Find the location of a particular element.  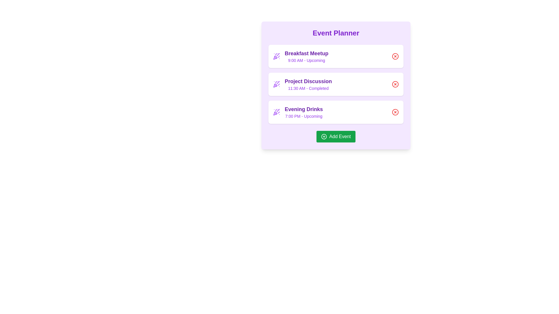

remove button for the event titled Evening Drinks is located at coordinates (395, 112).